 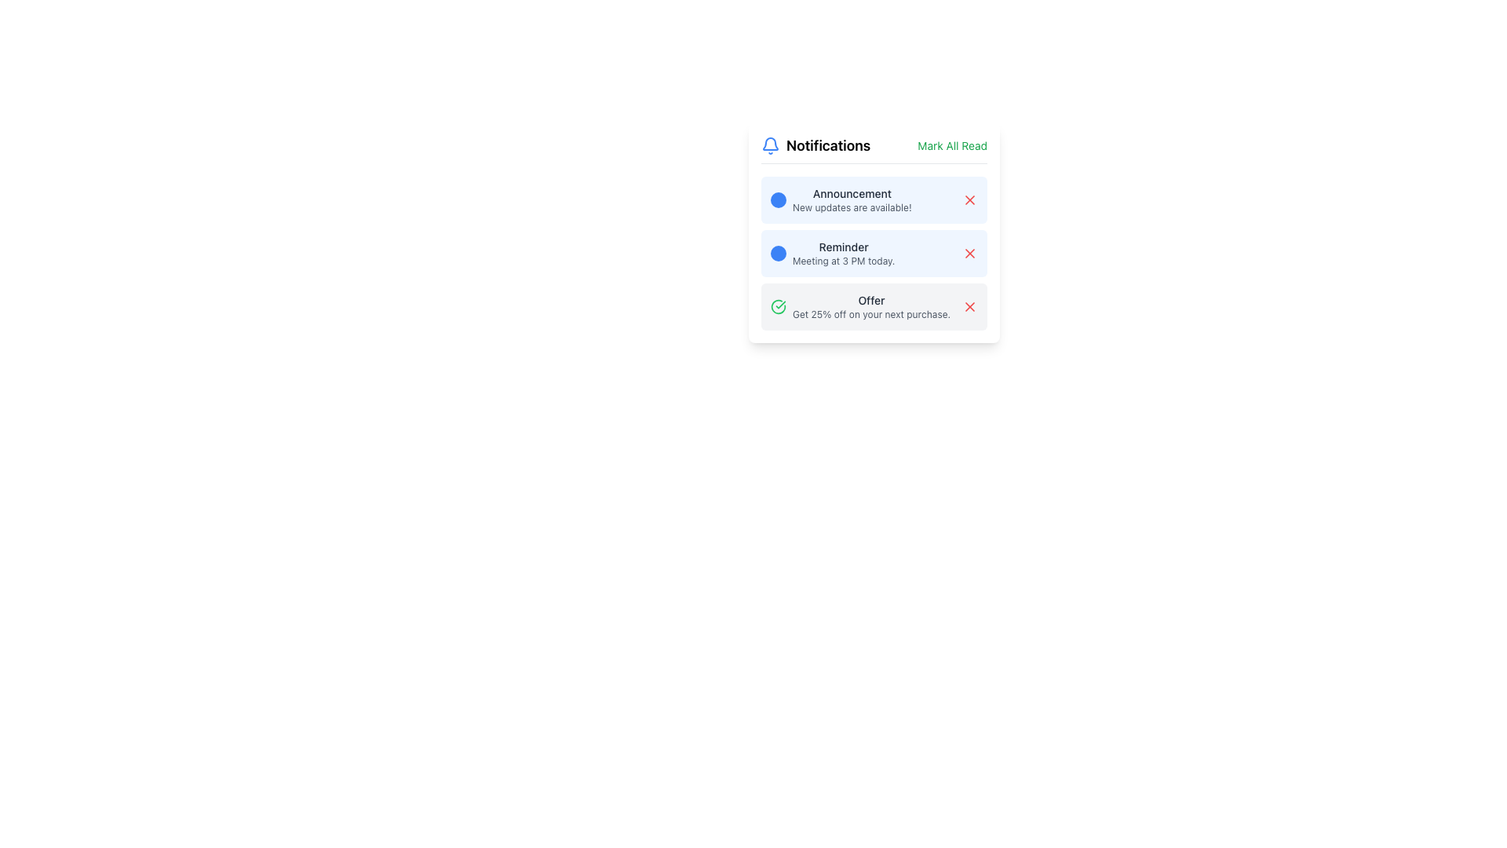 I want to click on the static text label titled 'Announcement' located at the top of the notification, which summarizes the update's subject, so click(x=851, y=192).